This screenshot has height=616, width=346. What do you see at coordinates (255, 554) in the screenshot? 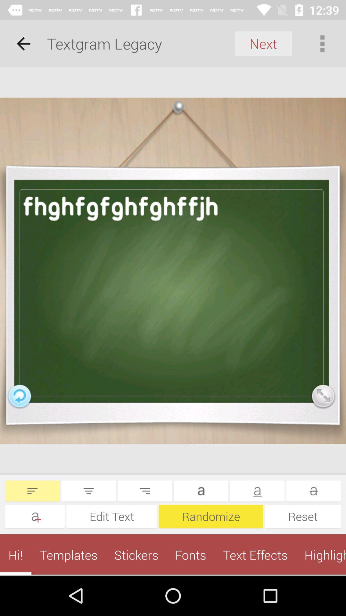
I see `the item next to the fonts item` at bounding box center [255, 554].